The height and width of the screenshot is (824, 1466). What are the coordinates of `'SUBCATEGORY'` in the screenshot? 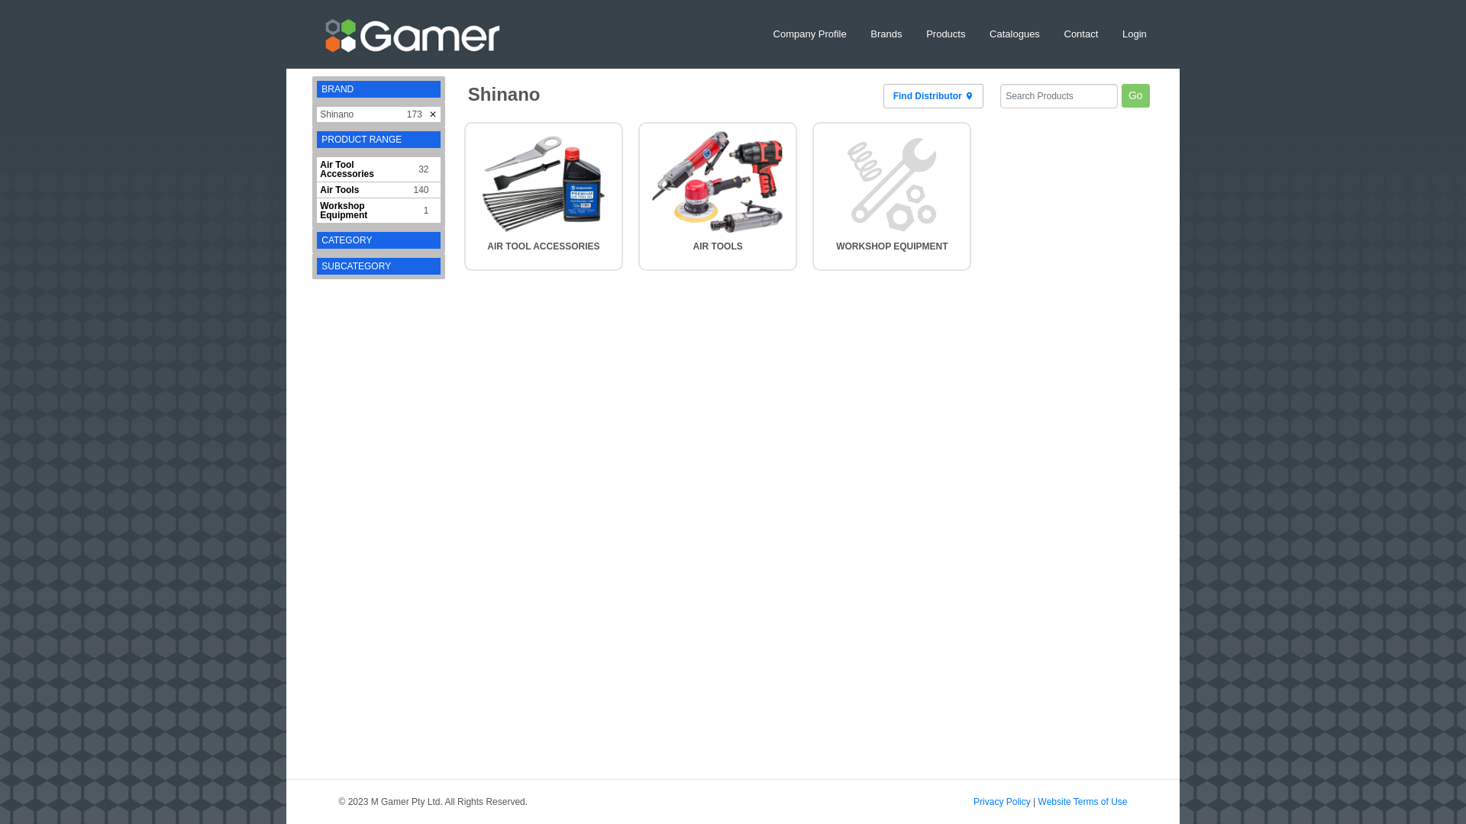 It's located at (355, 265).